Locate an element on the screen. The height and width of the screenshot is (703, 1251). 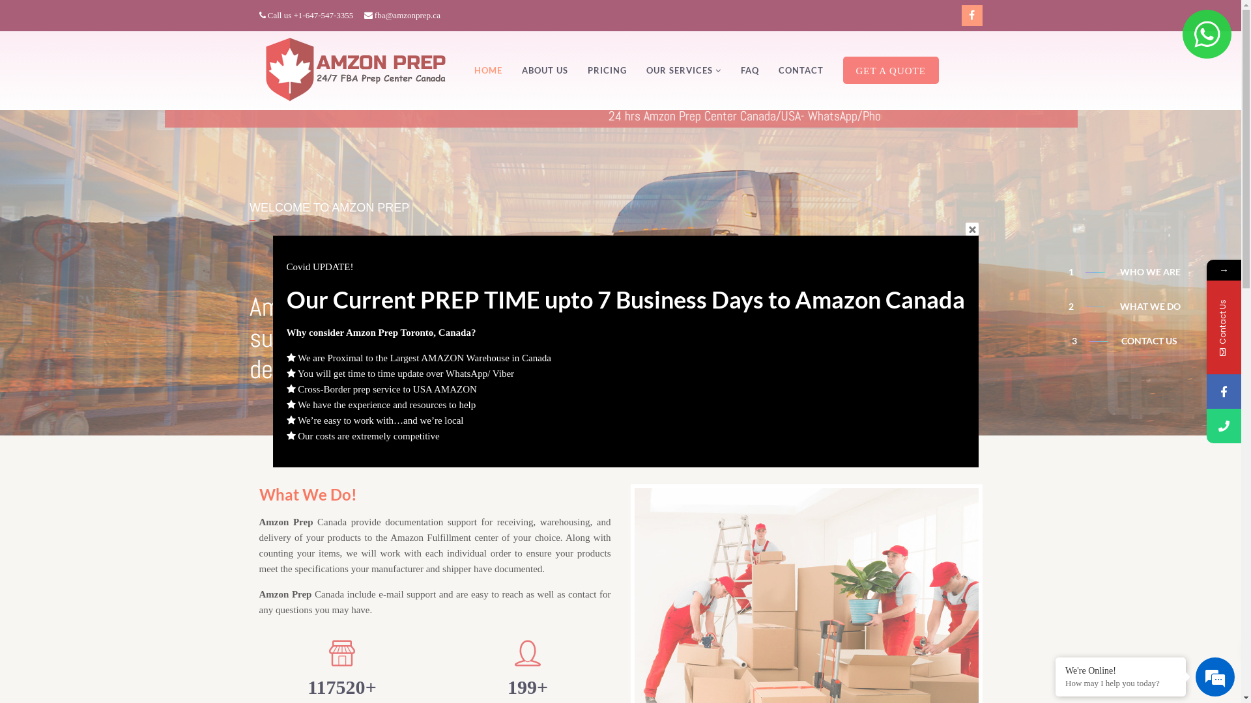
'ABOUT US' is located at coordinates (521, 70).